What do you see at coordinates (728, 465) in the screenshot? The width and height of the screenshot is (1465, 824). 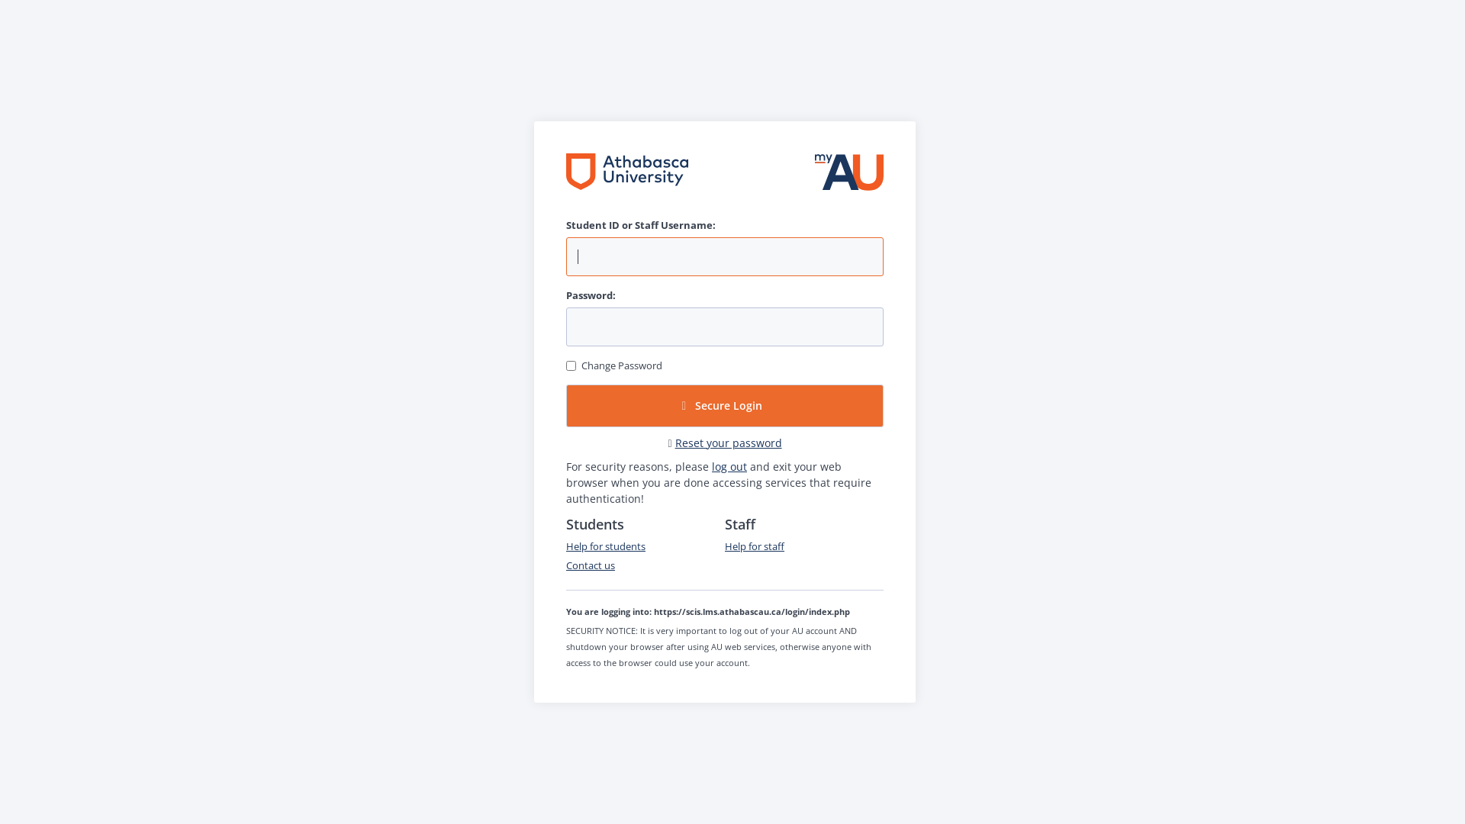 I see `'log out'` at bounding box center [728, 465].